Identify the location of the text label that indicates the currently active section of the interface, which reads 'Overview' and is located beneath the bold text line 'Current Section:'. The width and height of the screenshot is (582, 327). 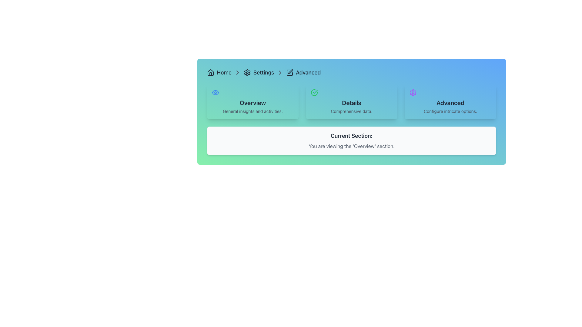
(352, 146).